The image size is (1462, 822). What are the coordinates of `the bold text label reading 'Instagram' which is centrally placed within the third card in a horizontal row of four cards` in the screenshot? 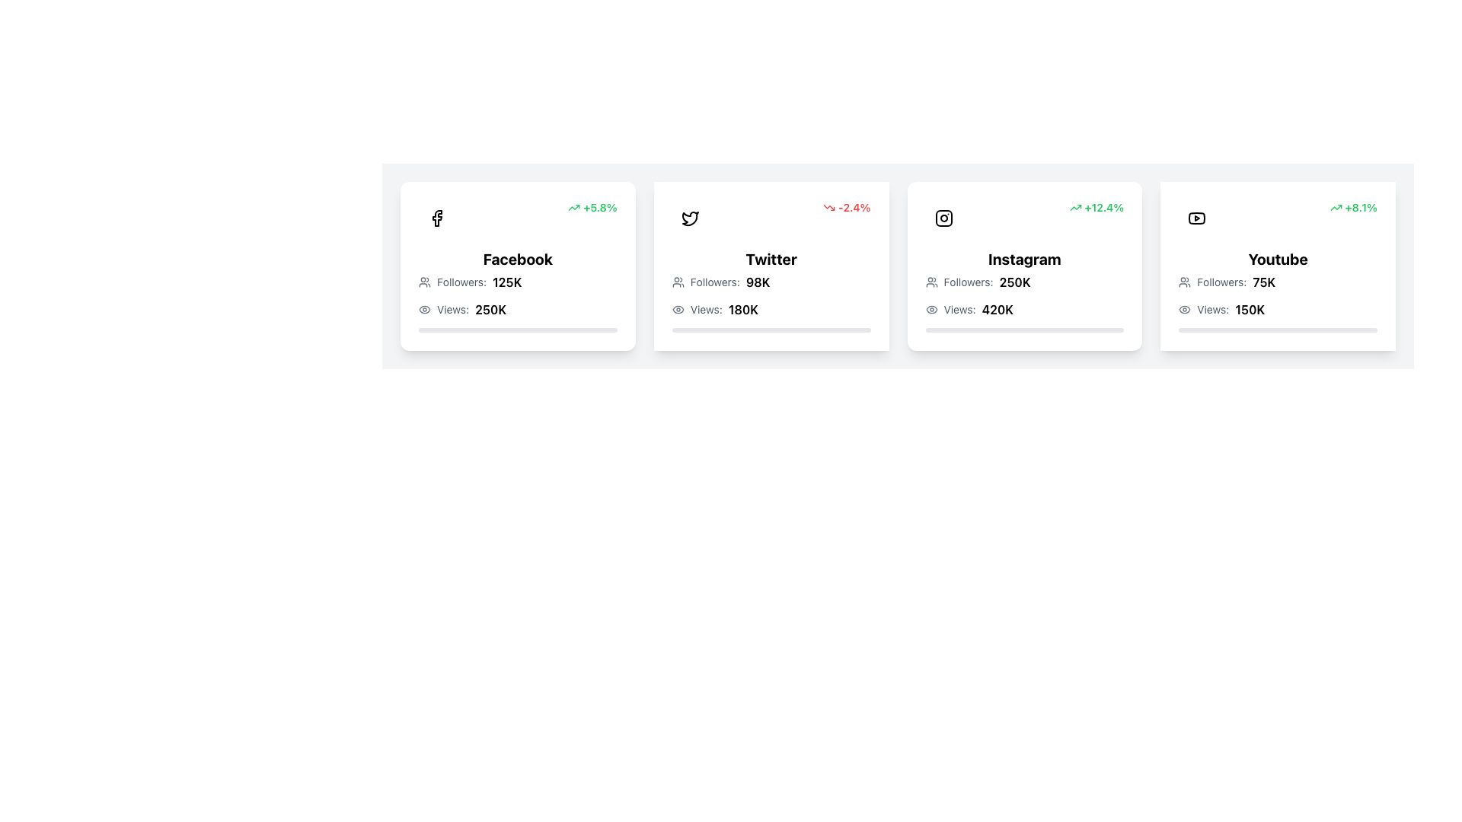 It's located at (1024, 258).